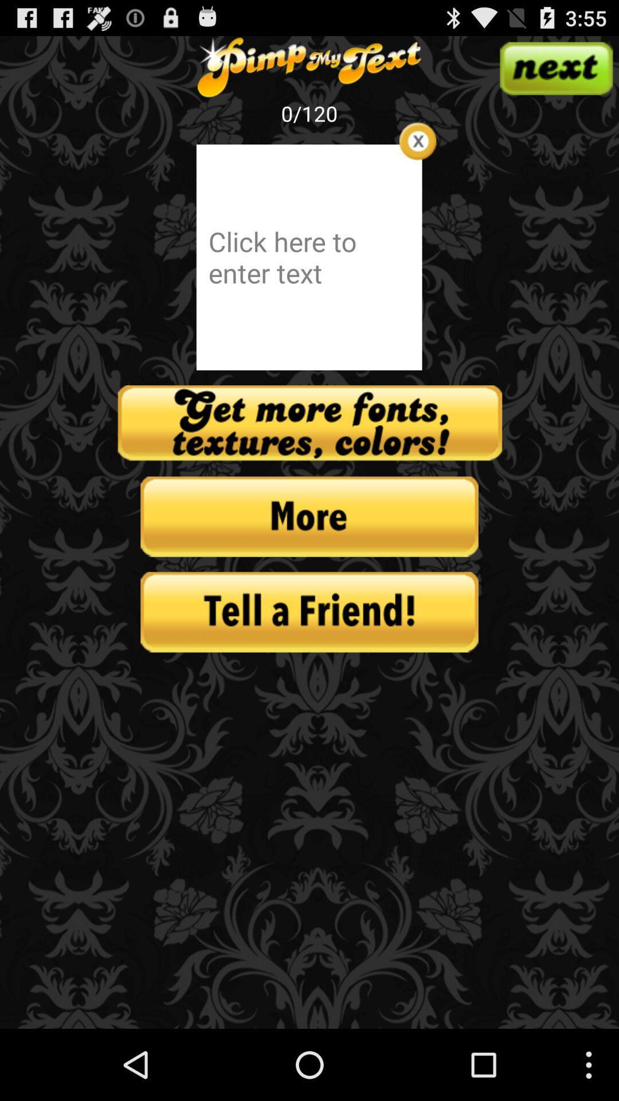  I want to click on get more text options, so click(309, 423).